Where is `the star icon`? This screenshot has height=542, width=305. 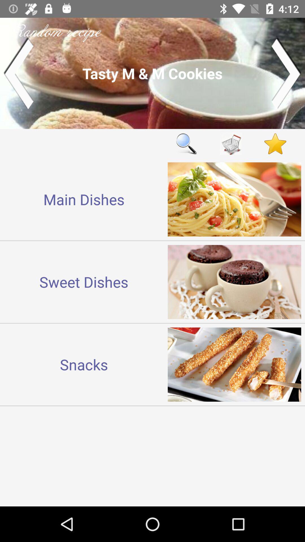 the star icon is located at coordinates (275, 144).